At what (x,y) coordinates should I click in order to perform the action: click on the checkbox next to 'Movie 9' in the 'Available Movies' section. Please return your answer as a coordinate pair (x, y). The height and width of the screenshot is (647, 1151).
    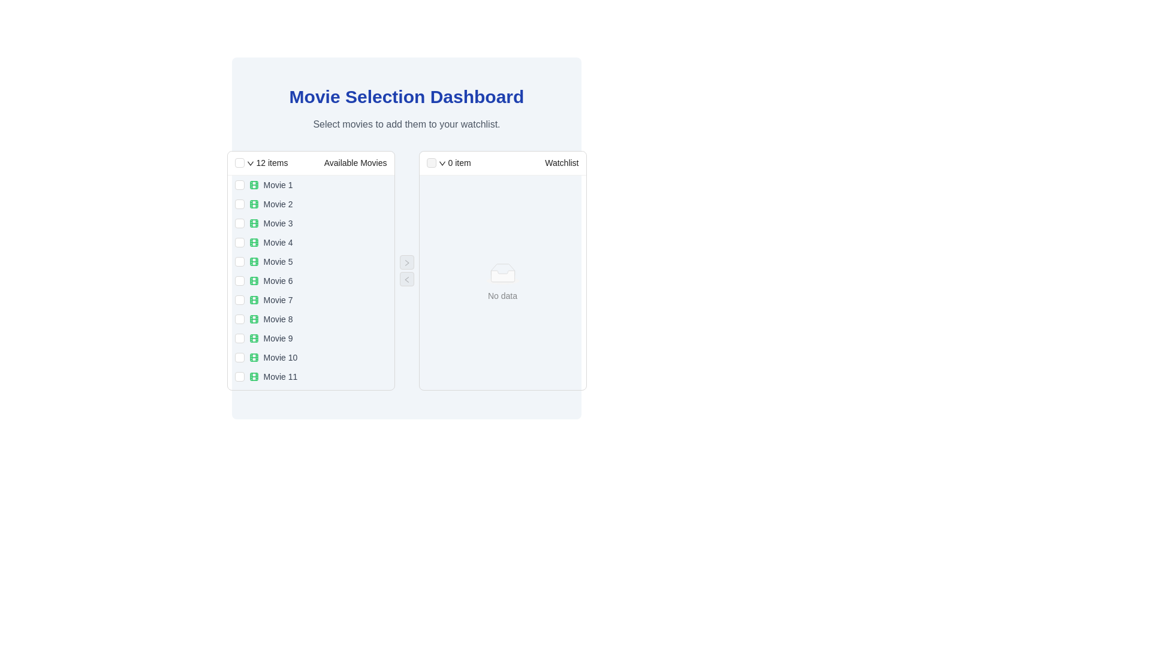
    Looking at the image, I should click on (239, 338).